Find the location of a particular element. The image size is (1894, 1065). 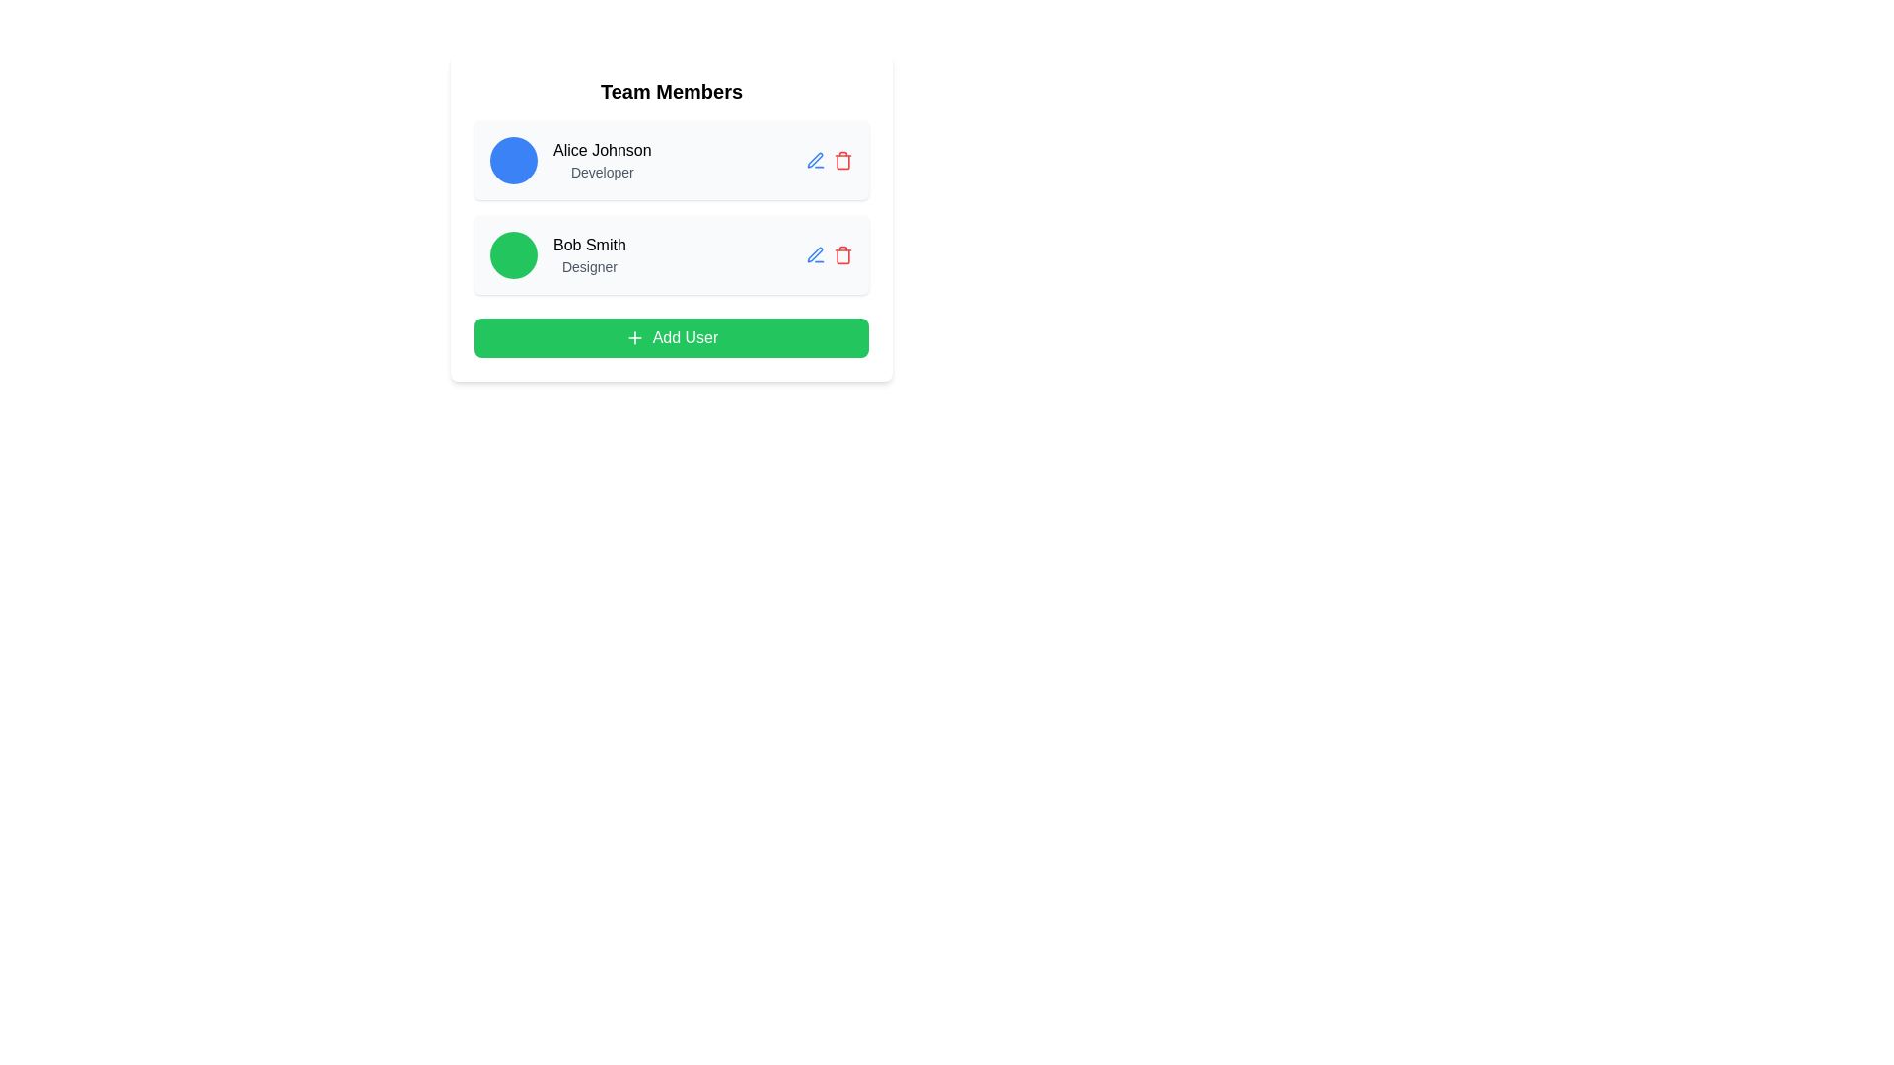

the 'Add User' button located centrally below the 'Team Members' section is located at coordinates (672, 337).